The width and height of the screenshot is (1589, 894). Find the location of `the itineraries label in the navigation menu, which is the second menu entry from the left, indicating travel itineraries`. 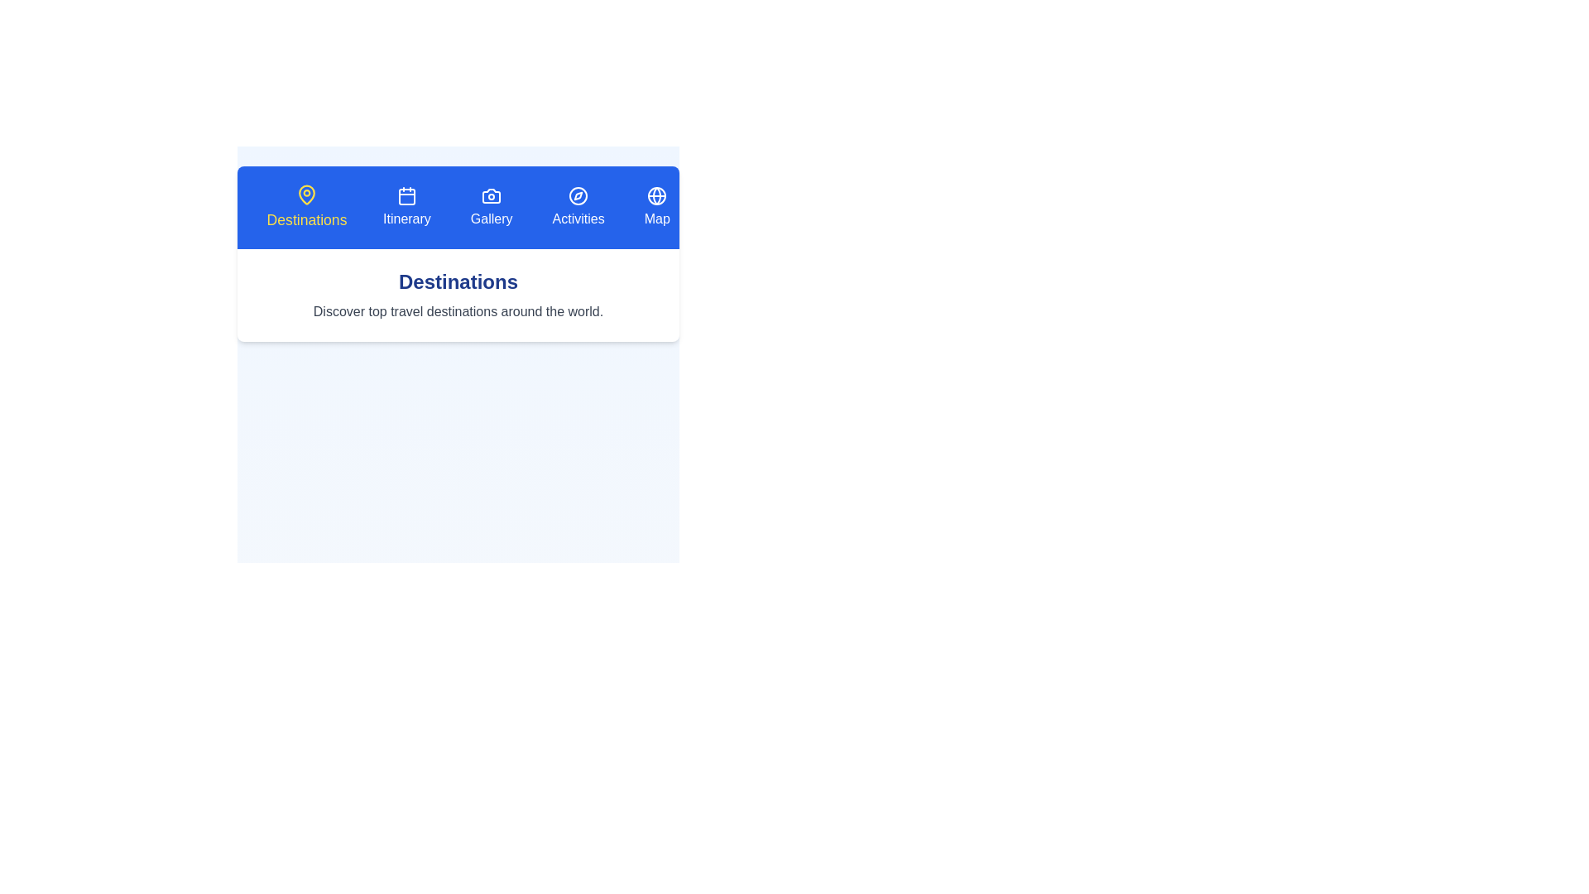

the itineraries label in the navigation menu, which is the second menu entry from the left, indicating travel itineraries is located at coordinates (406, 219).